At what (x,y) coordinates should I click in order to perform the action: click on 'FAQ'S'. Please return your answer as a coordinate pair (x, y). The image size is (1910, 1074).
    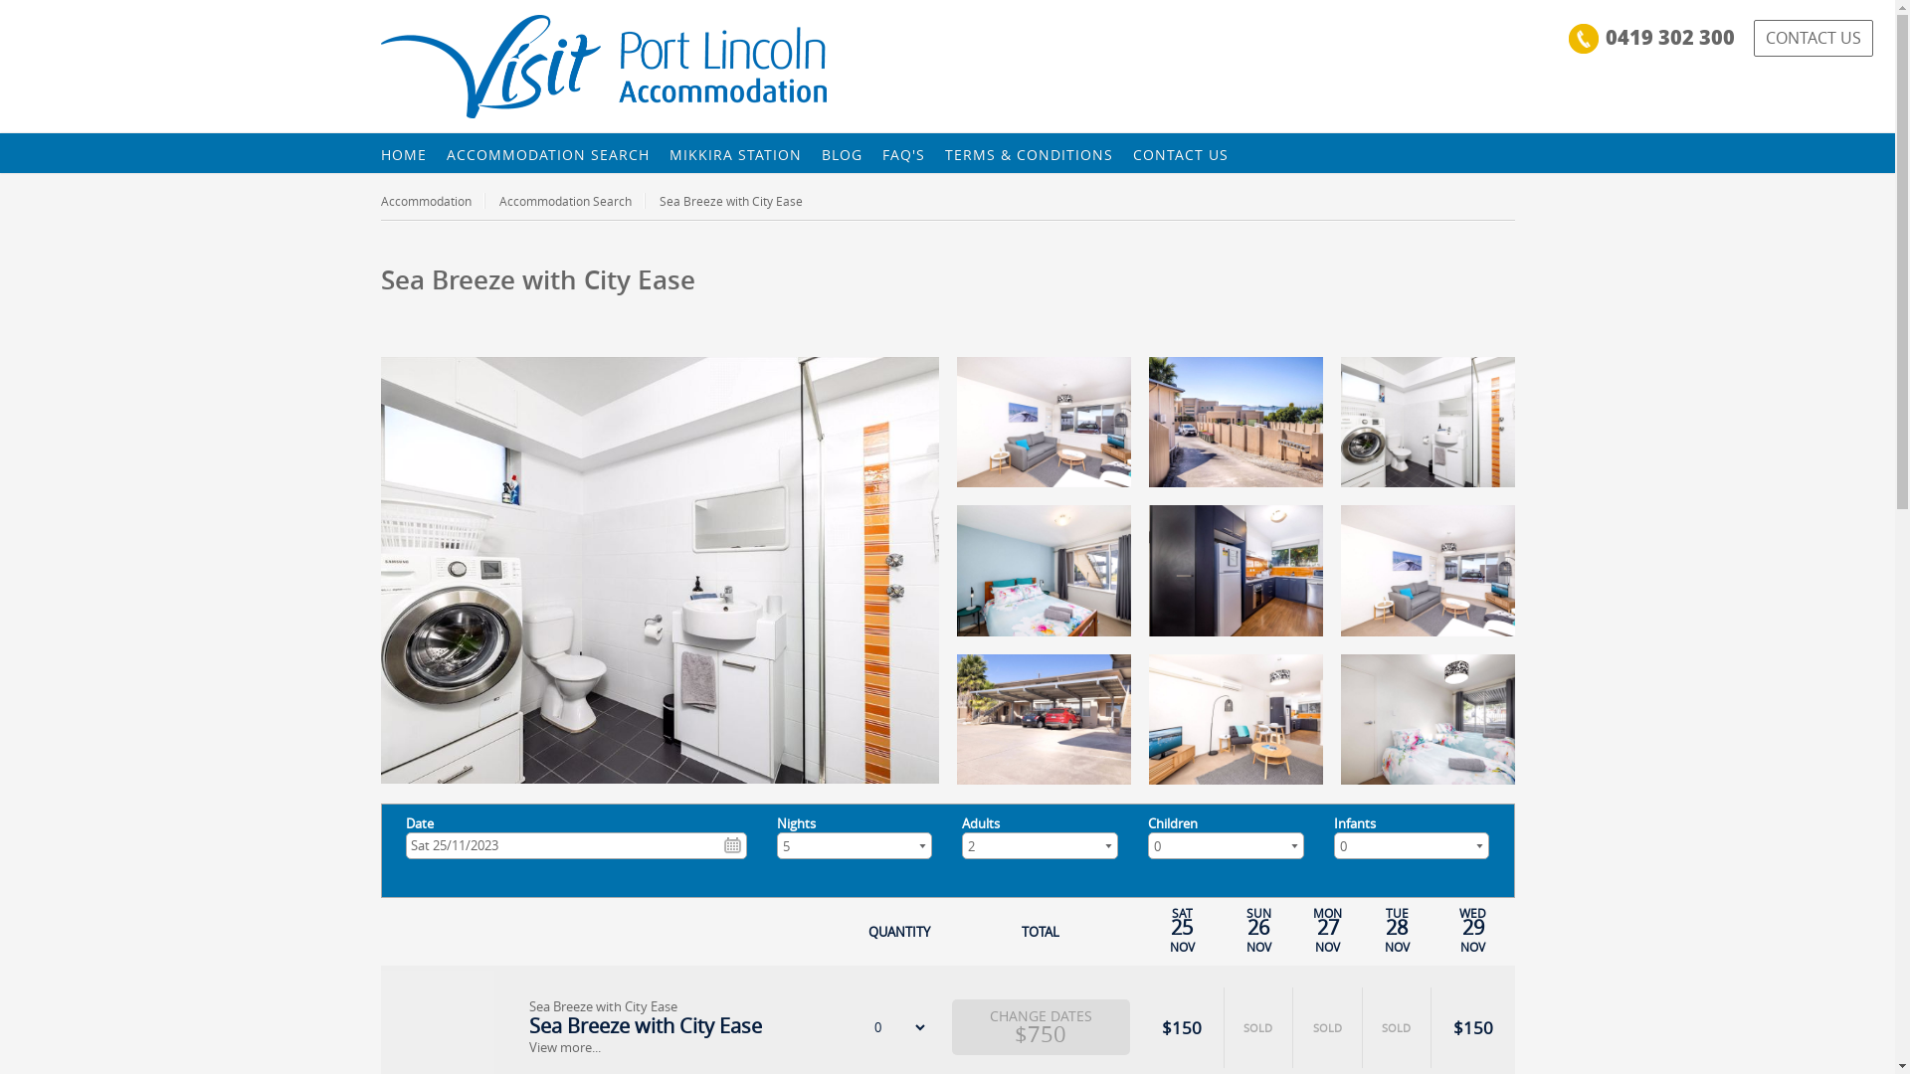
    Looking at the image, I should click on (880, 153).